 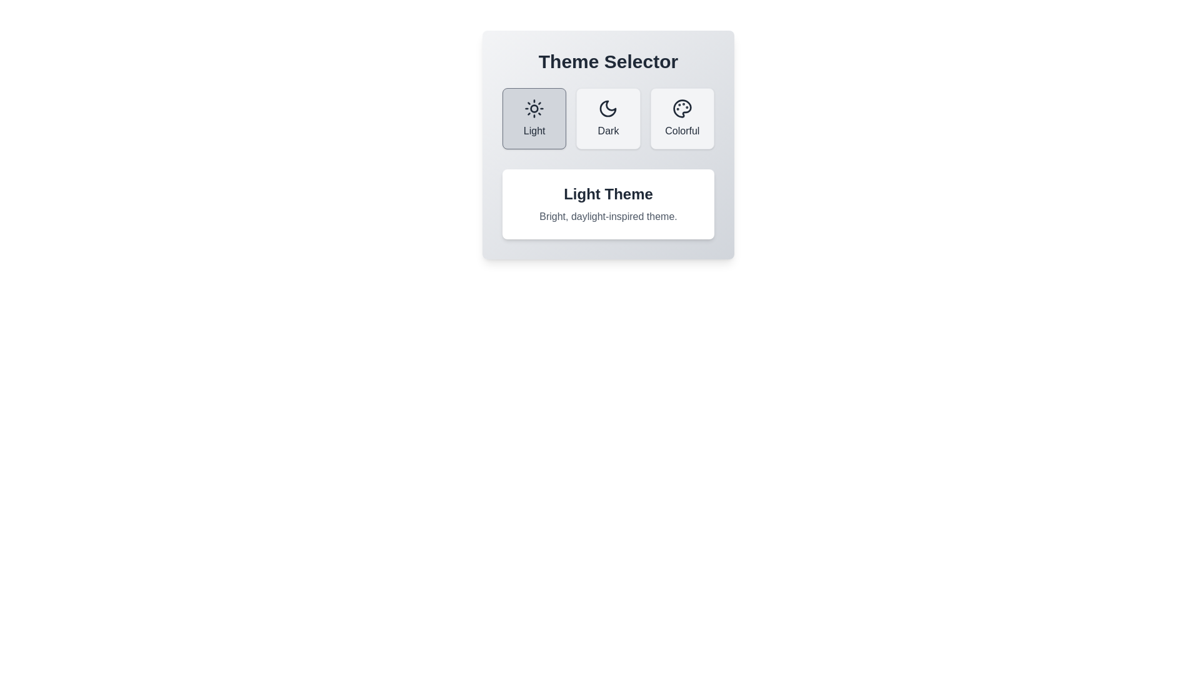 I want to click on the color palette icon in the theme selector, located at the top-right corner next to the 'Dark' theme button, so click(x=681, y=107).